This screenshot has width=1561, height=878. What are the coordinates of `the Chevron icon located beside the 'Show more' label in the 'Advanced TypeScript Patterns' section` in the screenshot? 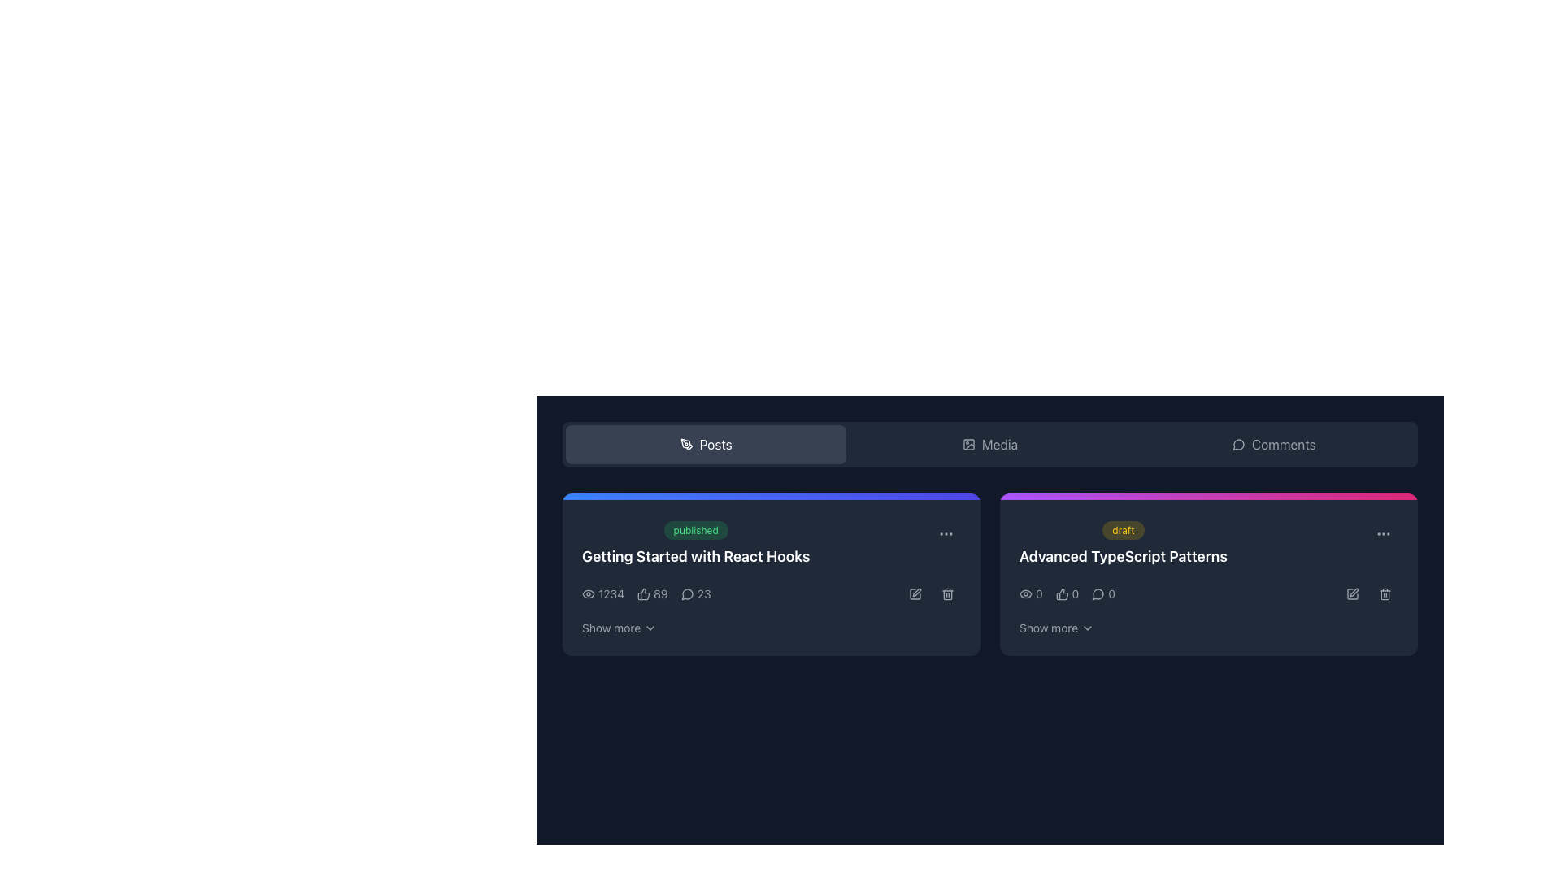 It's located at (1088, 627).